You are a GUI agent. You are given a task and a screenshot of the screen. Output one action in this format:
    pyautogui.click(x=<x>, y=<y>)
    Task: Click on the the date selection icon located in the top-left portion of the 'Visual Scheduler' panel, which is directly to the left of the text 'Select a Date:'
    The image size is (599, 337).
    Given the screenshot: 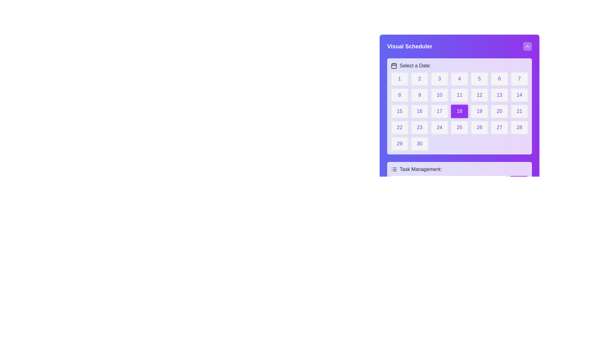 What is the action you would take?
    pyautogui.click(x=393, y=66)
    